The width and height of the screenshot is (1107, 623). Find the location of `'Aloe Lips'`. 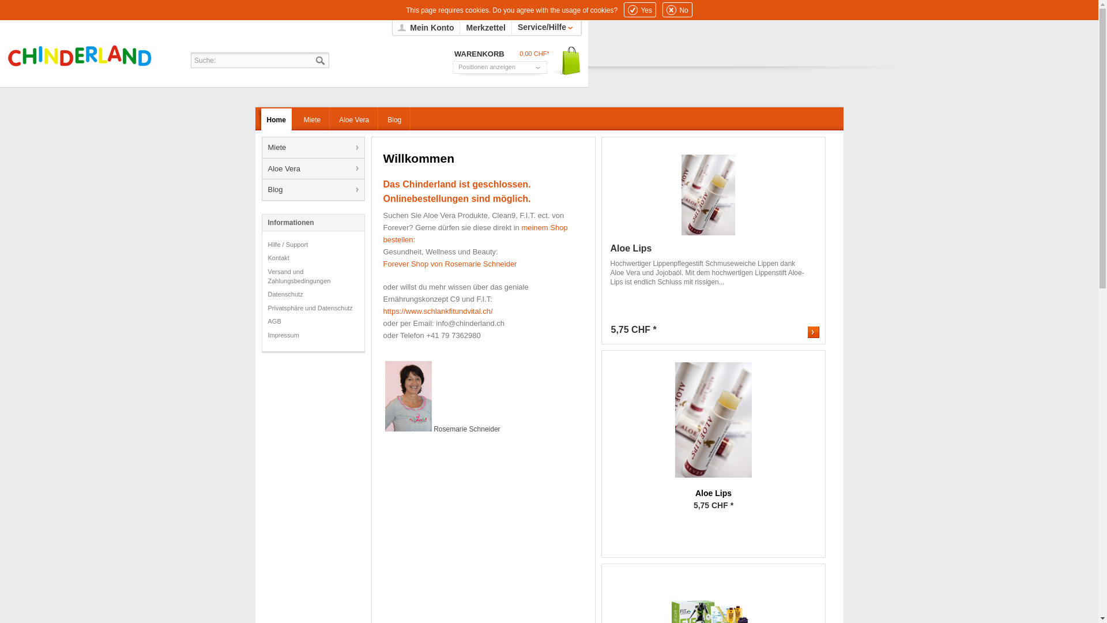

'Aloe Lips' is located at coordinates (713, 420).